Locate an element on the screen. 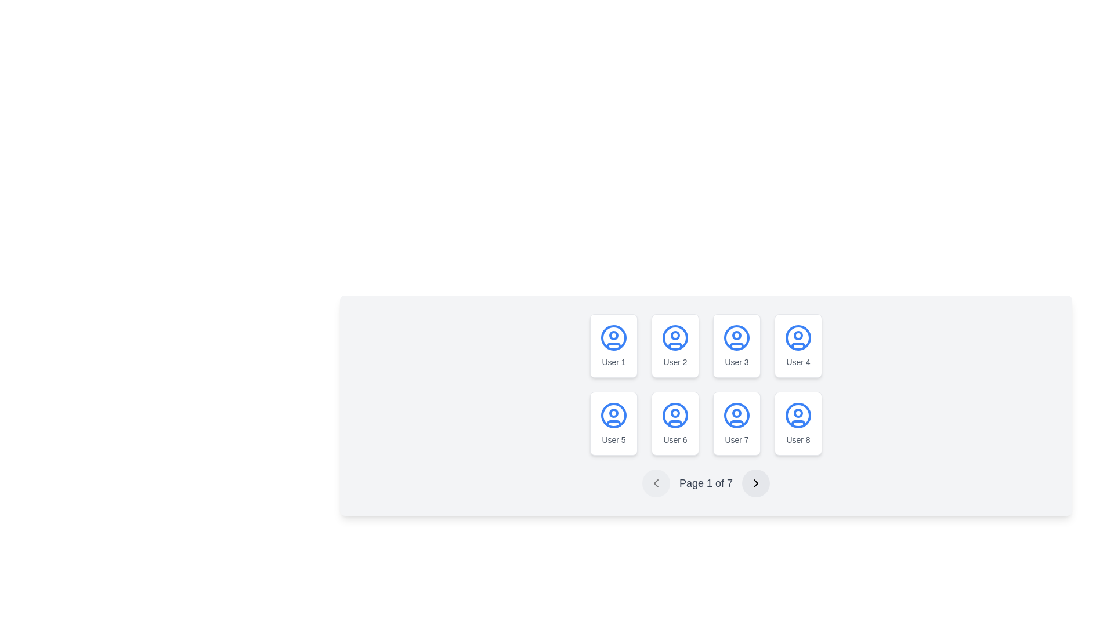 The image size is (1114, 626). the decorative circular element located at the center of the user profile icon for the third card in the first row of the grid is located at coordinates (736, 335).